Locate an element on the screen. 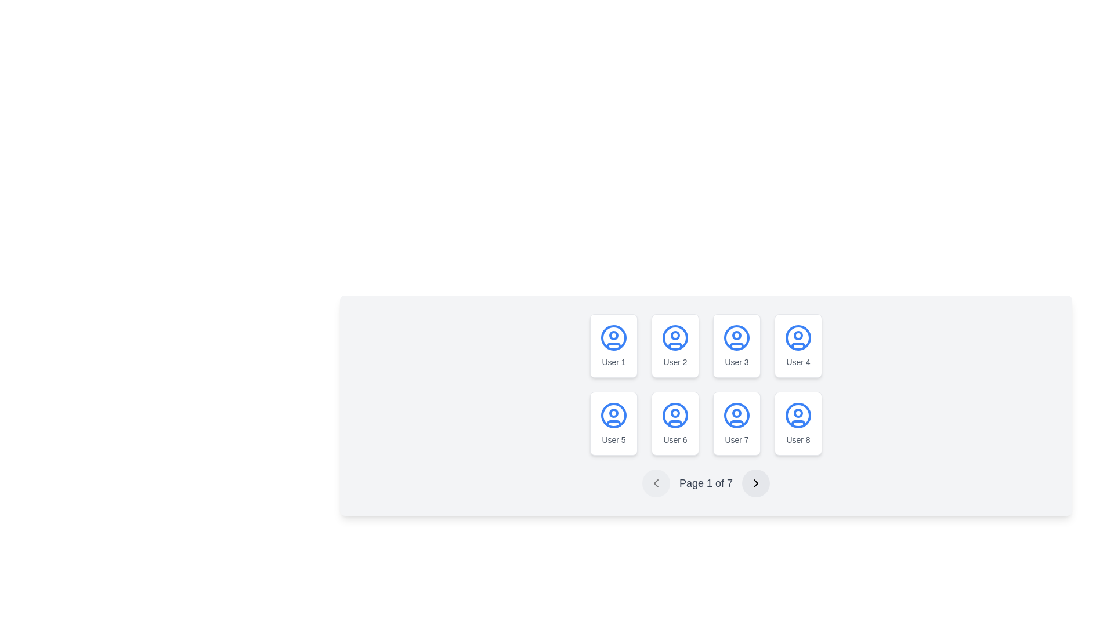 The image size is (1114, 626). the decorative circular element located at the center of the user profile icon for the third card in the first row of the grid is located at coordinates (736, 335).